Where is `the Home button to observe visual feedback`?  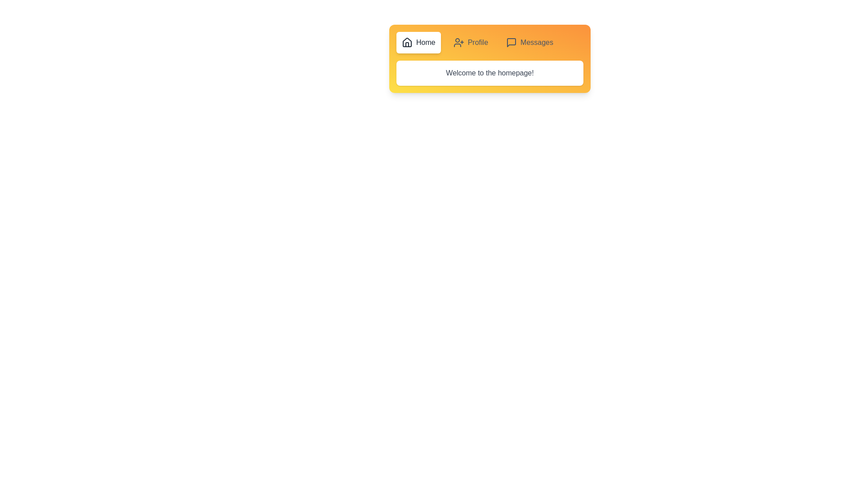 the Home button to observe visual feedback is located at coordinates (418, 43).